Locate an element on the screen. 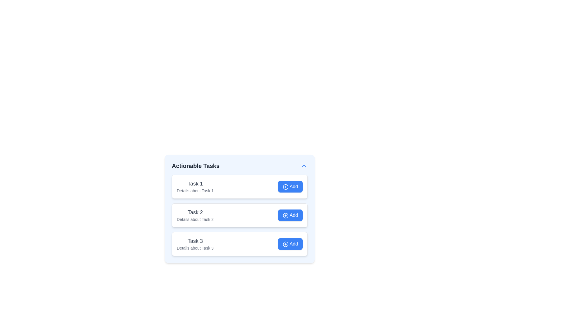 The height and width of the screenshot is (316, 562). the circular icon with a blue outline and white fill, located inside the 'Add' button is located at coordinates (285, 187).